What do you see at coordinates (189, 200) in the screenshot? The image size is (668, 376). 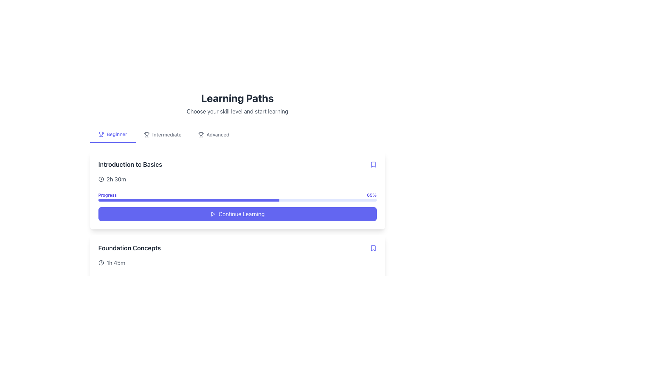 I see `the filled portion of the progress bar, which is a deep indigo colored bar located beneath the 'Introduction to Basics' label and above the 'Continue Learning' button` at bounding box center [189, 200].